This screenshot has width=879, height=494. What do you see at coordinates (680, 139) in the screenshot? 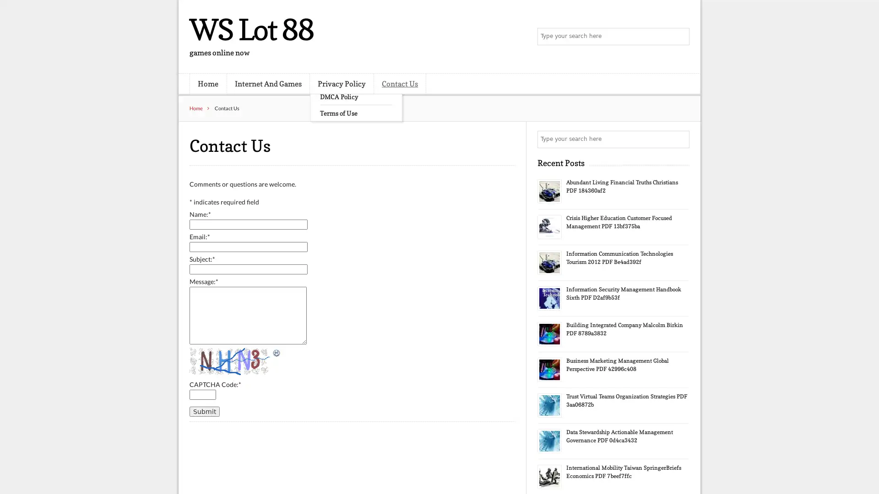
I see `Search` at bounding box center [680, 139].